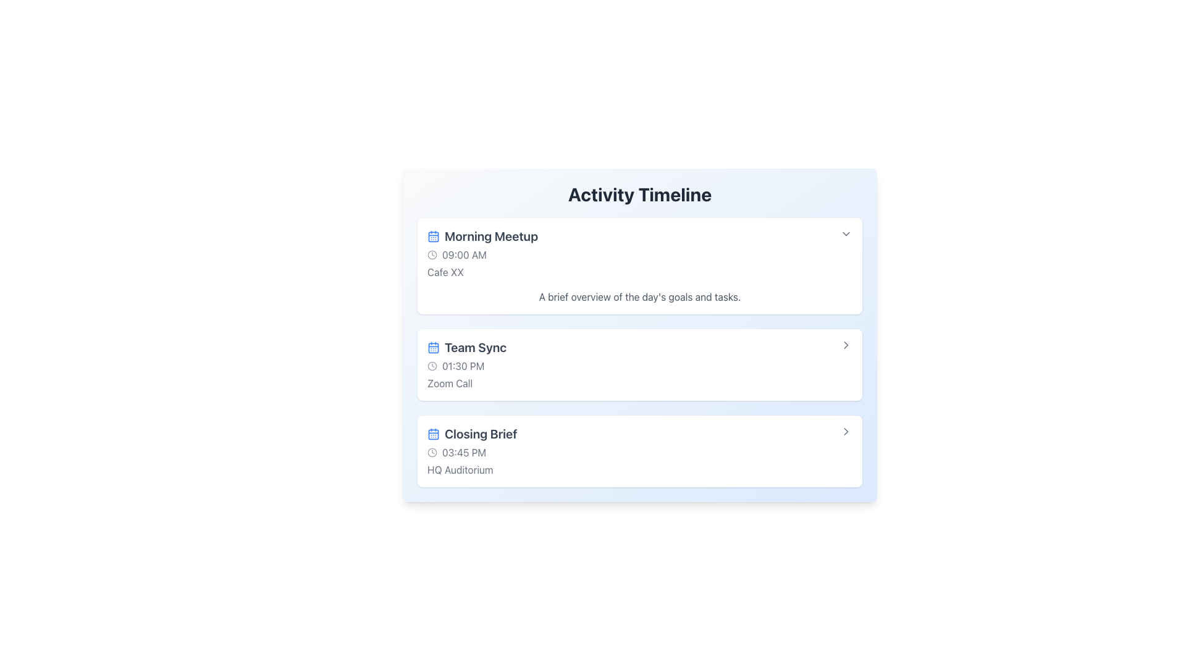 This screenshot has height=667, width=1186. I want to click on the second meeting entry in the timeline, which has a title 'Team Sync', so click(640, 364).